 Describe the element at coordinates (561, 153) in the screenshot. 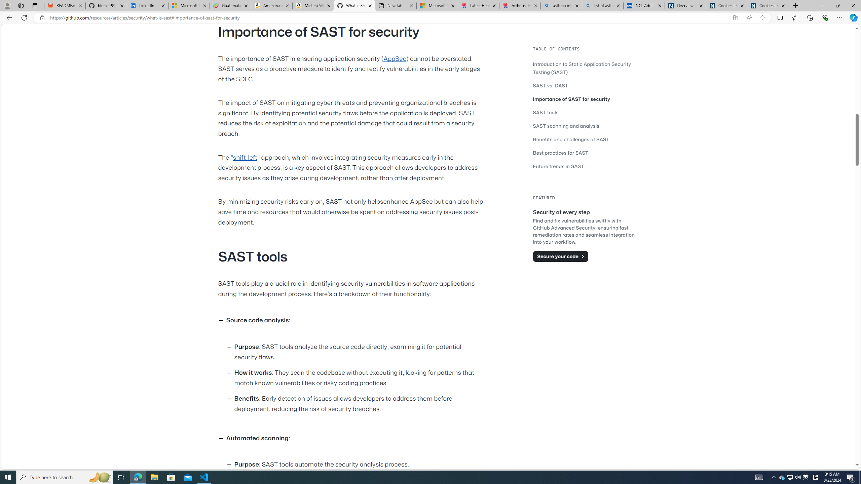

I see `'Best practices for SAST'` at that location.